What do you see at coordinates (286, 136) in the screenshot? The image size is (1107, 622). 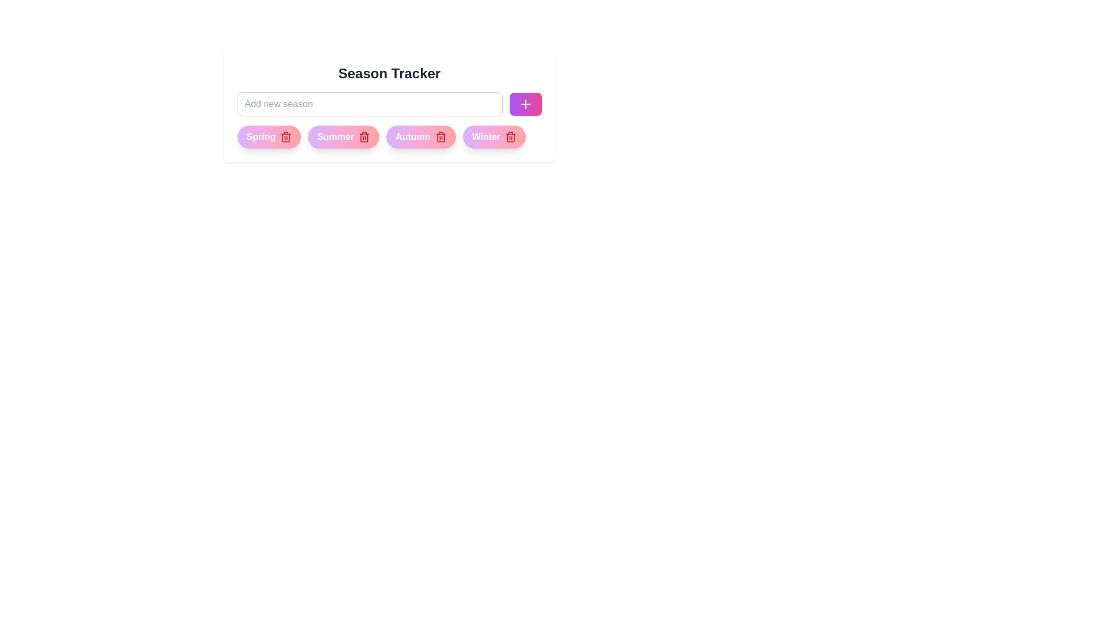 I see `the delete icon of the chip labeled Spring to remove it` at bounding box center [286, 136].